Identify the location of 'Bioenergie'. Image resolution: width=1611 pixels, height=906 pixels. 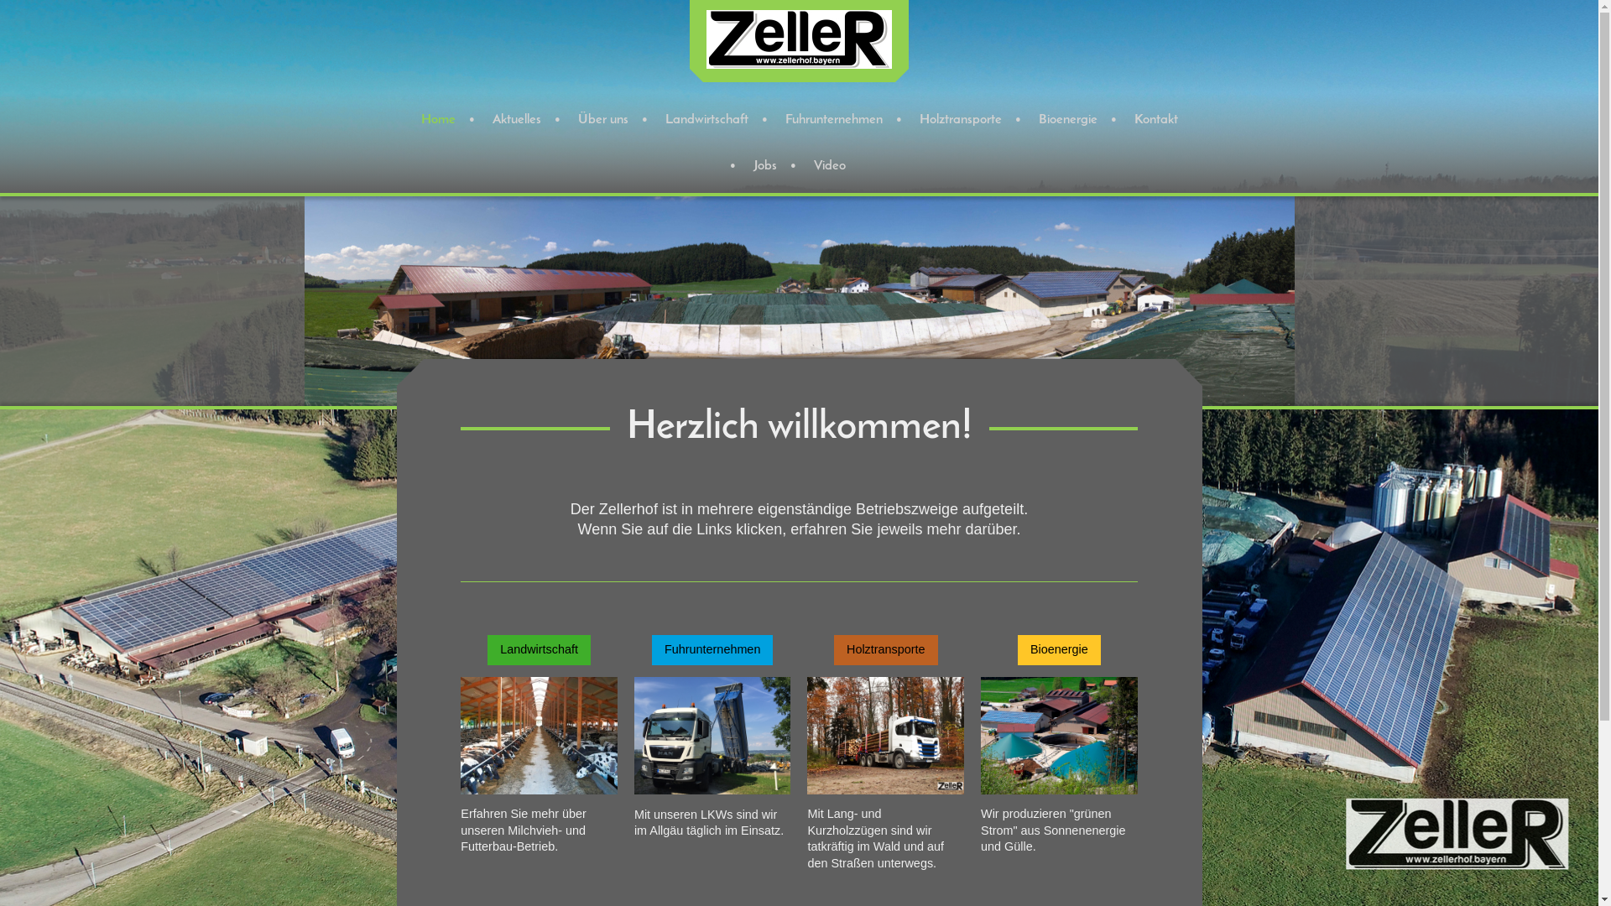
(1066, 119).